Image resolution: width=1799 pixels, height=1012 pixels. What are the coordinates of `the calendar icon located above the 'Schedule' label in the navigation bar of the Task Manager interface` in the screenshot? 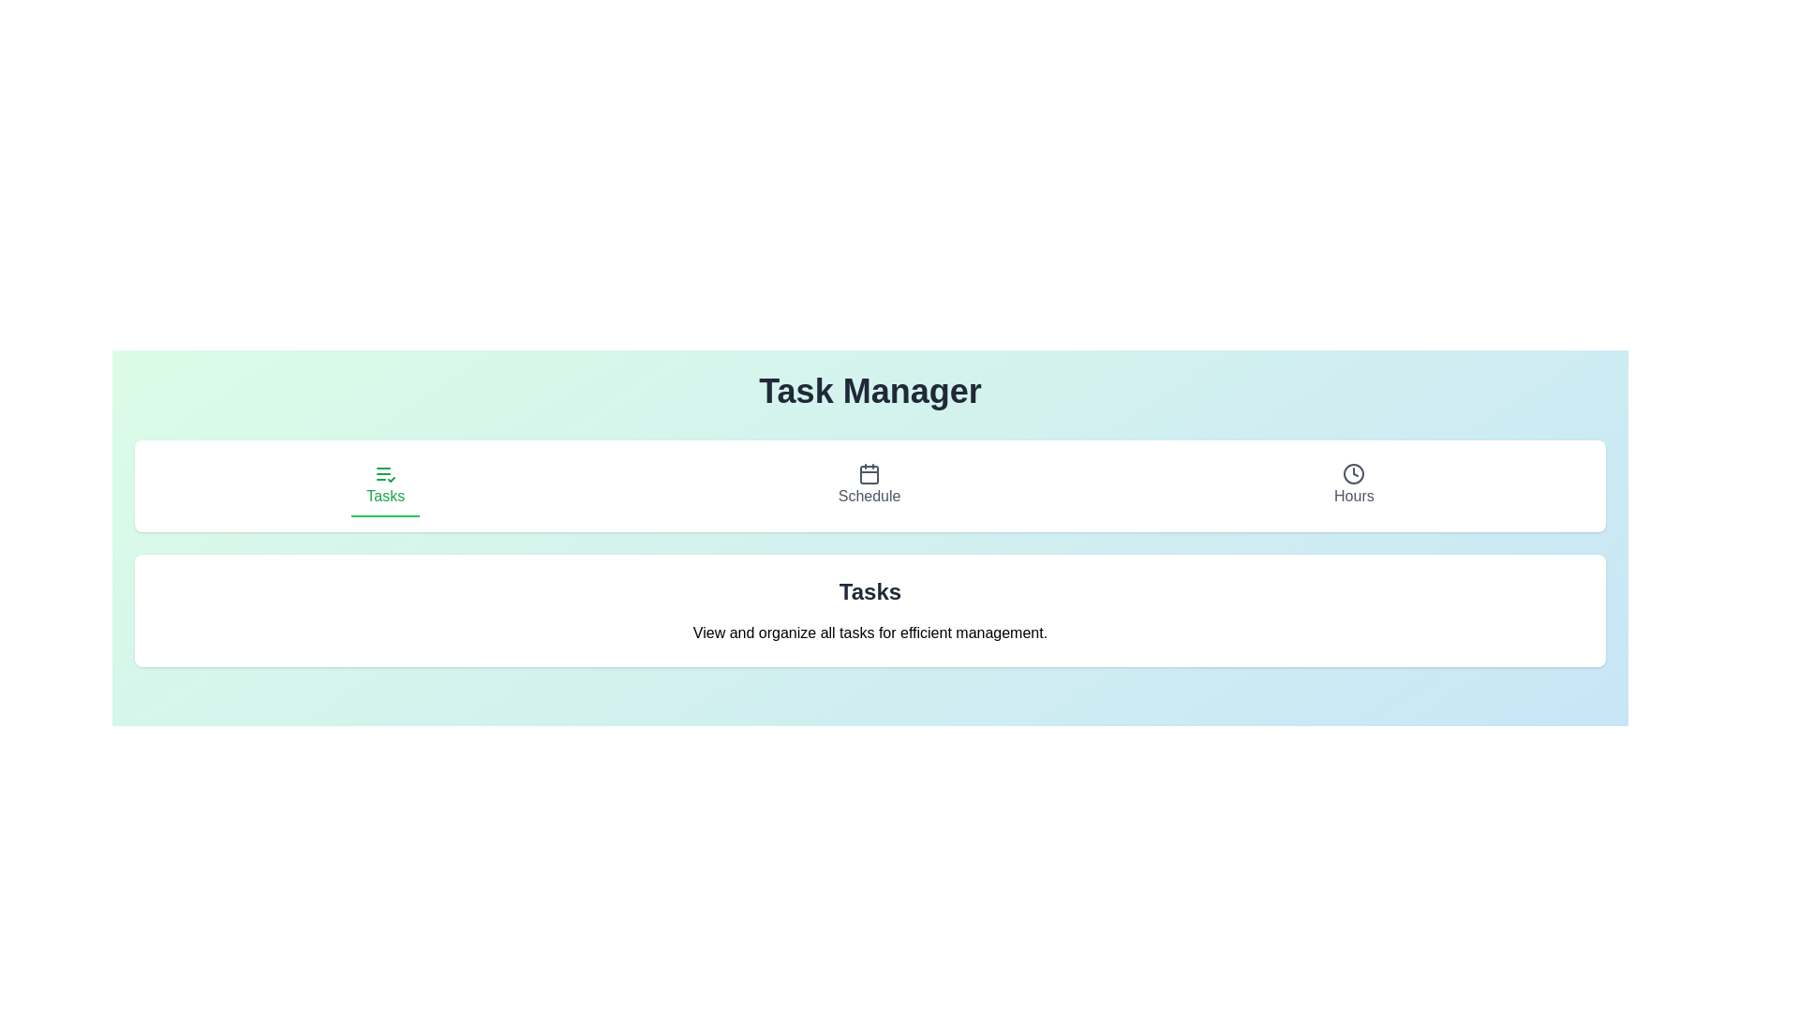 It's located at (869, 472).